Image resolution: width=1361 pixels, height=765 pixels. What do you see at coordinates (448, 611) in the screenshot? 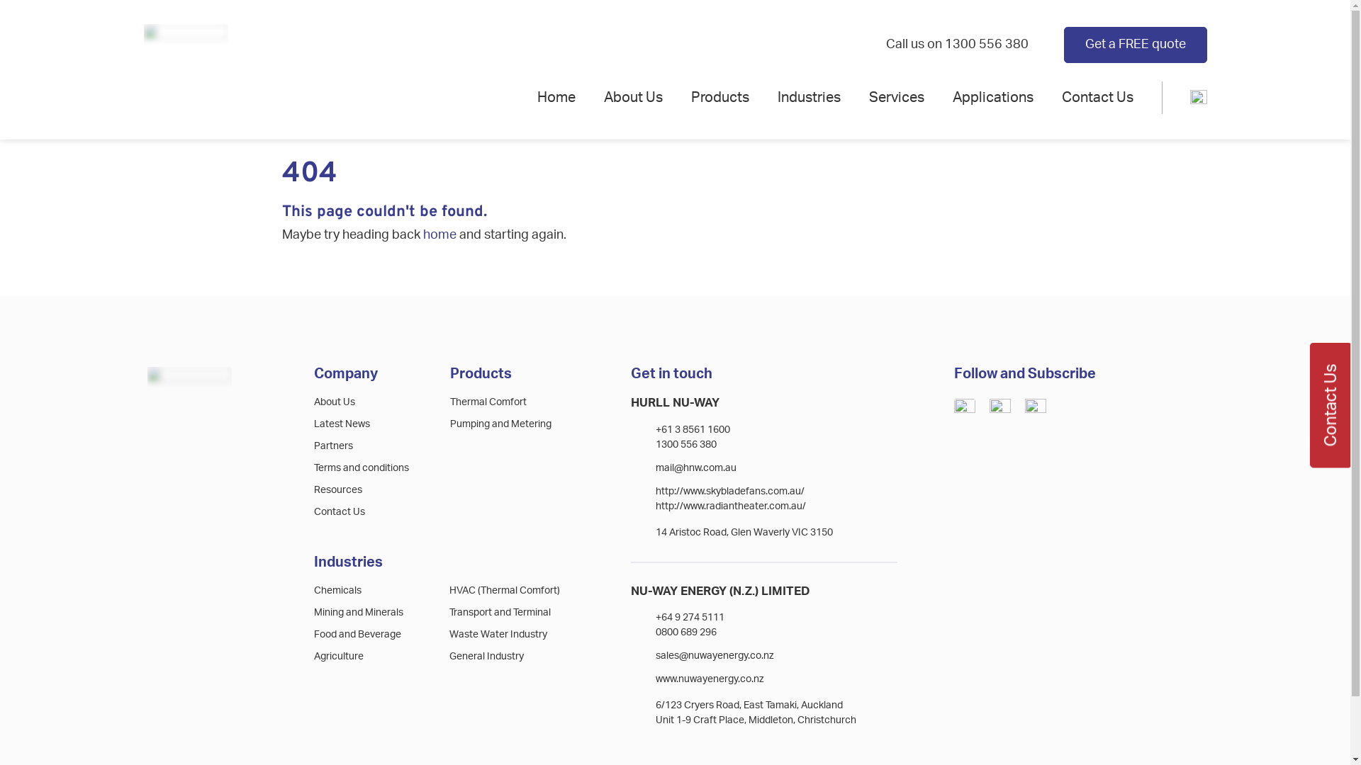
I see `'Transport and Terminal'` at bounding box center [448, 611].